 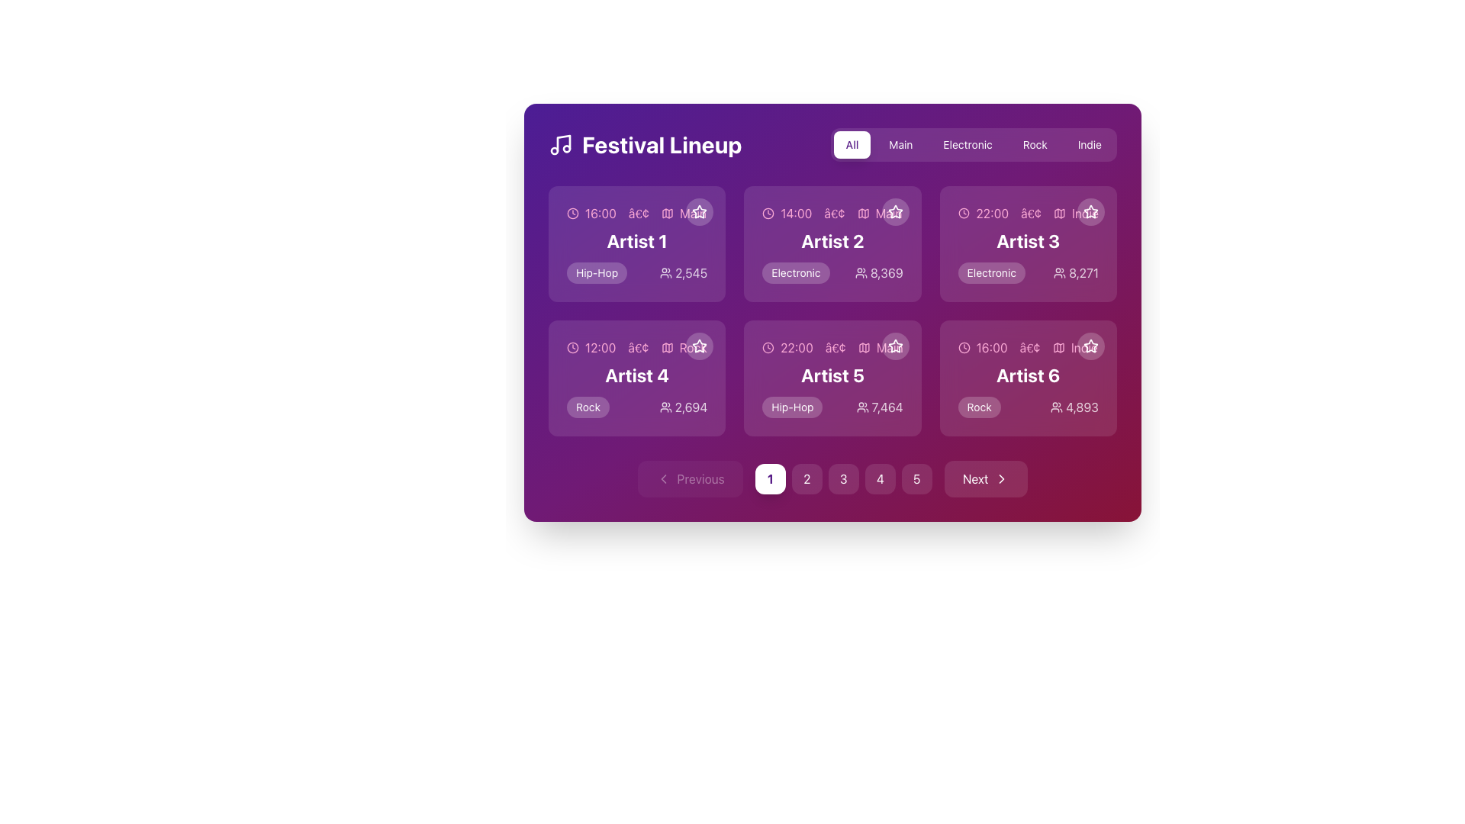 What do you see at coordinates (1090, 345) in the screenshot?
I see `the star icon located within the card for 'Artist 6' to mark or unmark it as a favorite` at bounding box center [1090, 345].